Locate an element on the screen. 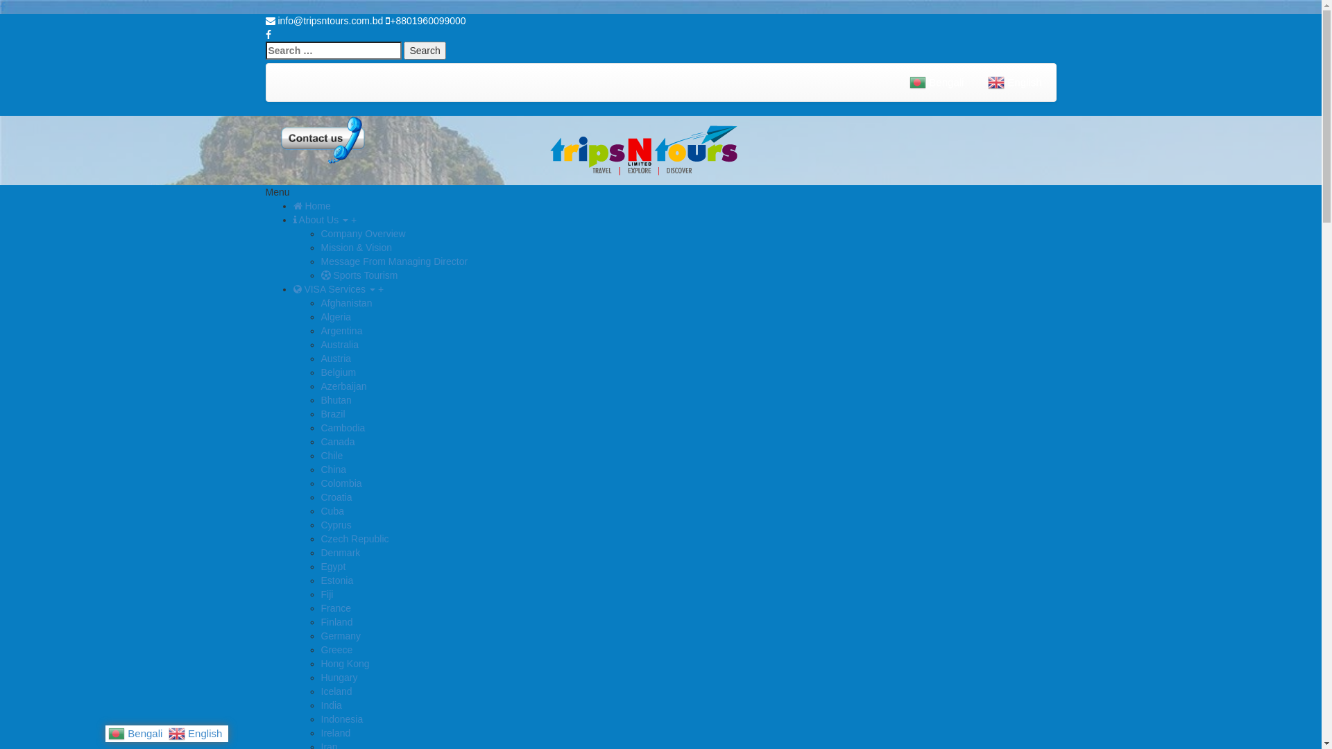 This screenshot has width=1332, height=749. ' About Us' is located at coordinates (292, 218).